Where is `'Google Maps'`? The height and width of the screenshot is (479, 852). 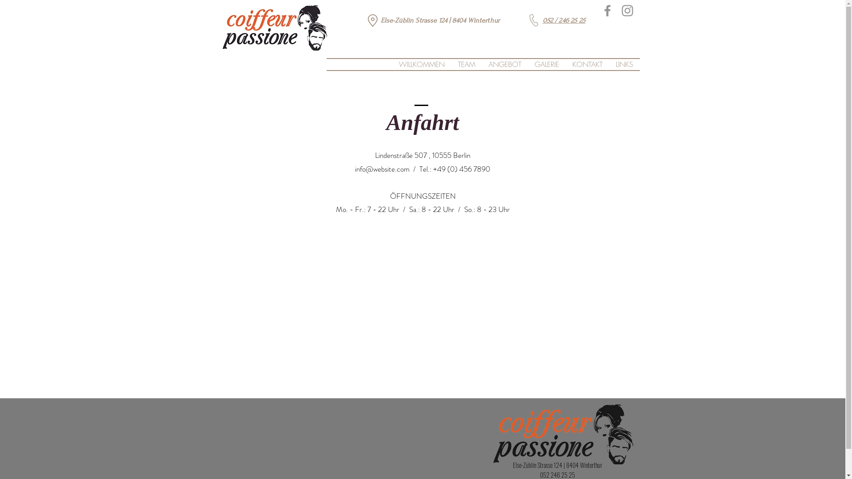 'Google Maps' is located at coordinates (422, 302).